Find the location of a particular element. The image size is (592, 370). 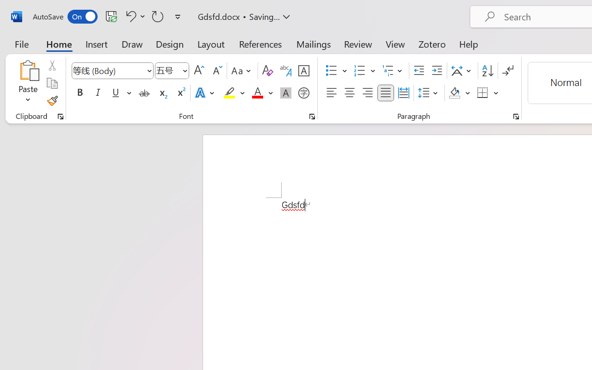

'Distributed' is located at coordinates (403, 93).